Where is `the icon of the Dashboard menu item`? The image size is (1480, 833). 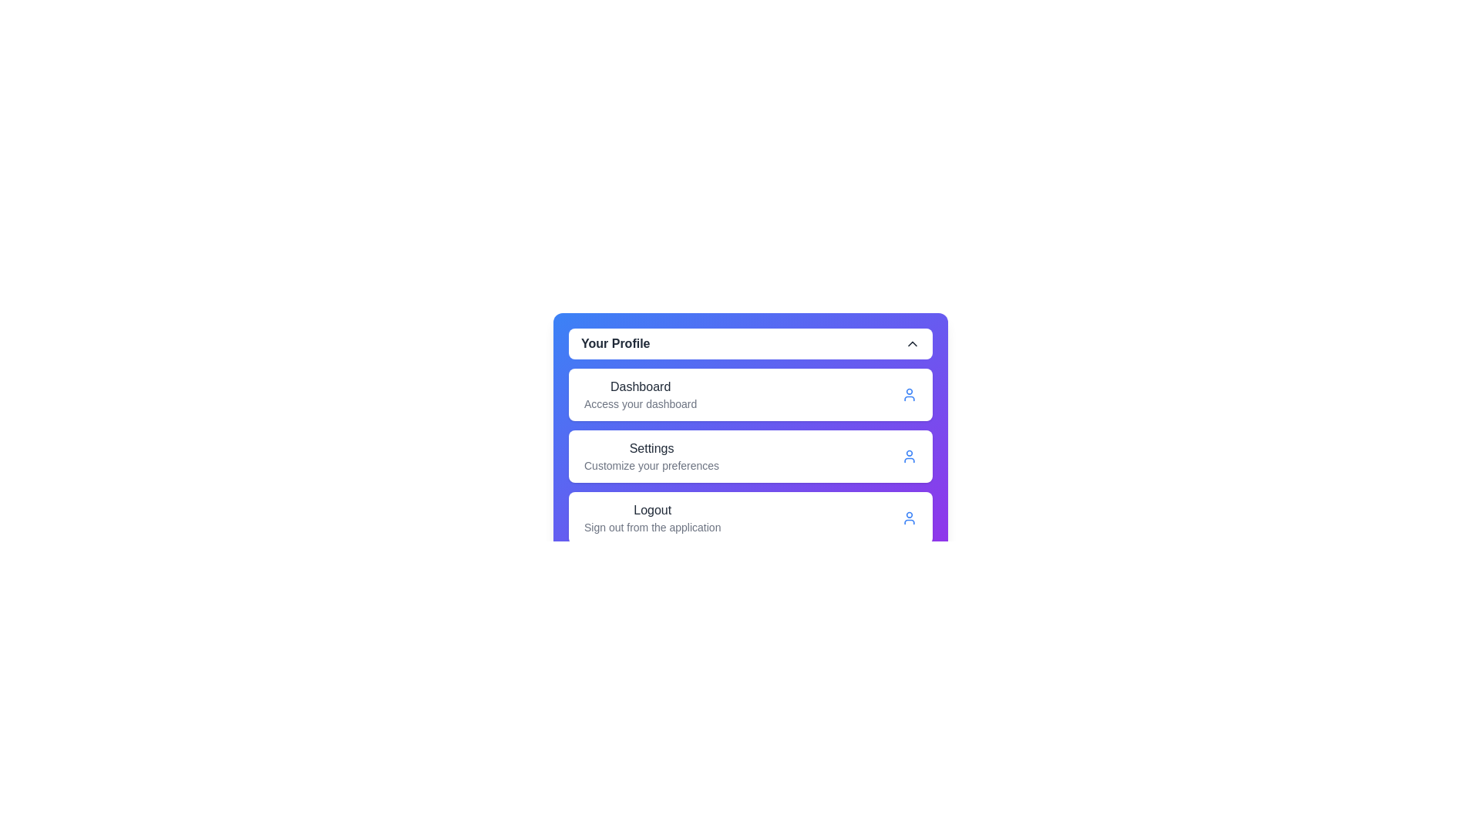
the icon of the Dashboard menu item is located at coordinates (910, 394).